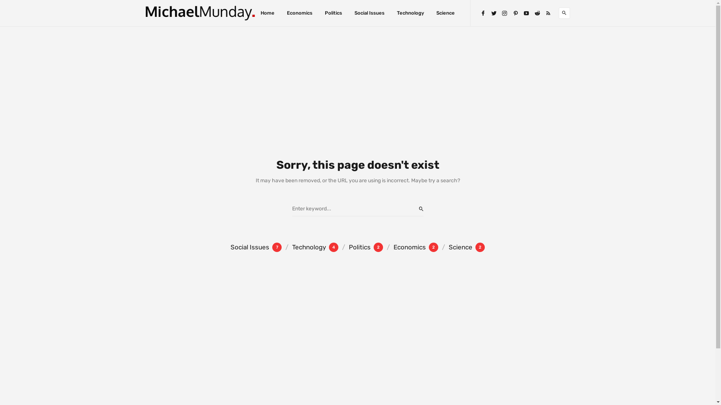  I want to click on 'Facebook', so click(479, 13).